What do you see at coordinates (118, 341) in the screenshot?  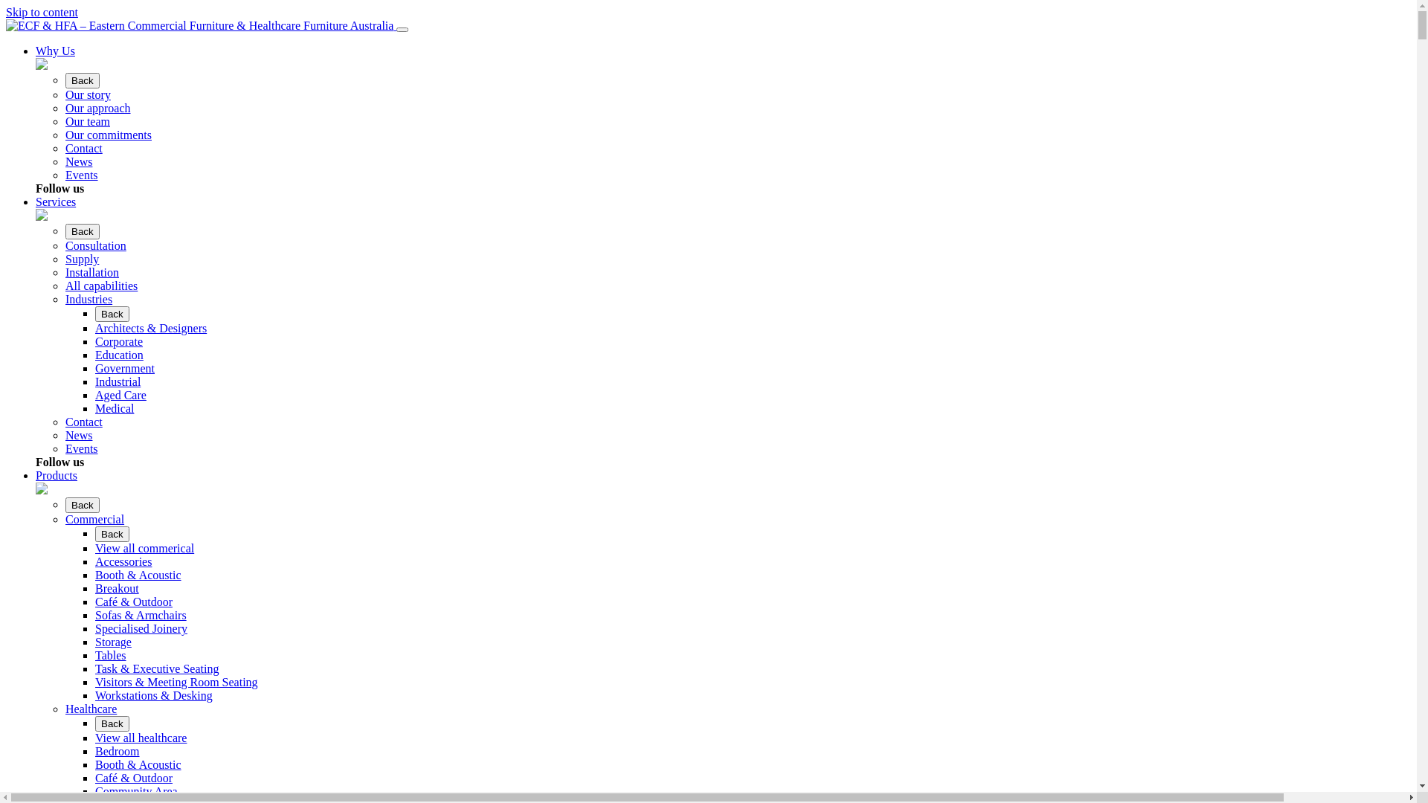 I see `'Corporate'` at bounding box center [118, 341].